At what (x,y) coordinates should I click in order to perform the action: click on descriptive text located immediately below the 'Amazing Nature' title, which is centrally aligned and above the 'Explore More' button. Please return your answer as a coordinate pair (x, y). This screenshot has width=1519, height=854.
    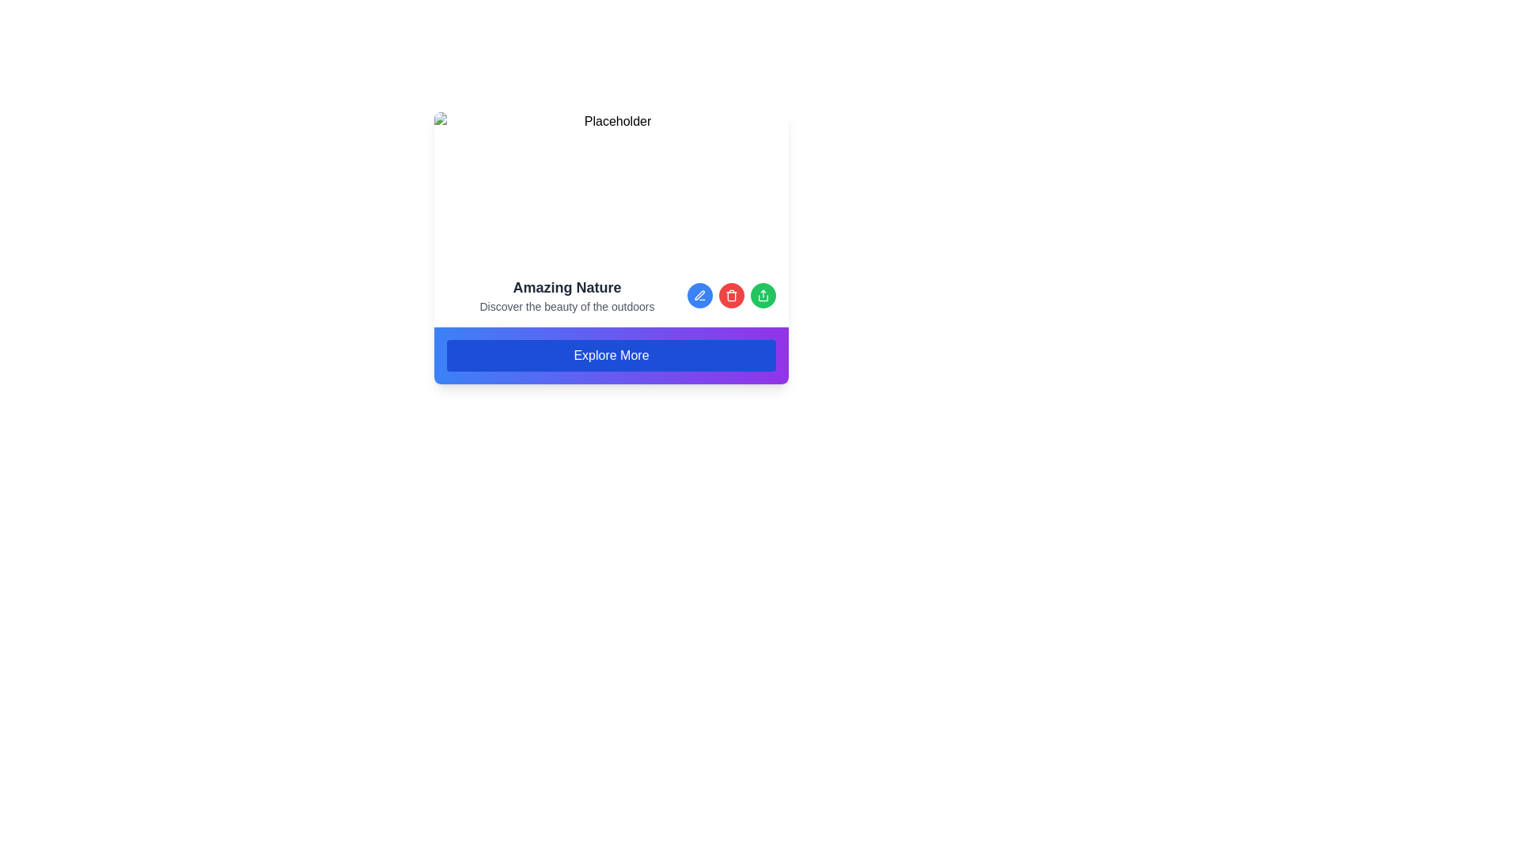
    Looking at the image, I should click on (566, 307).